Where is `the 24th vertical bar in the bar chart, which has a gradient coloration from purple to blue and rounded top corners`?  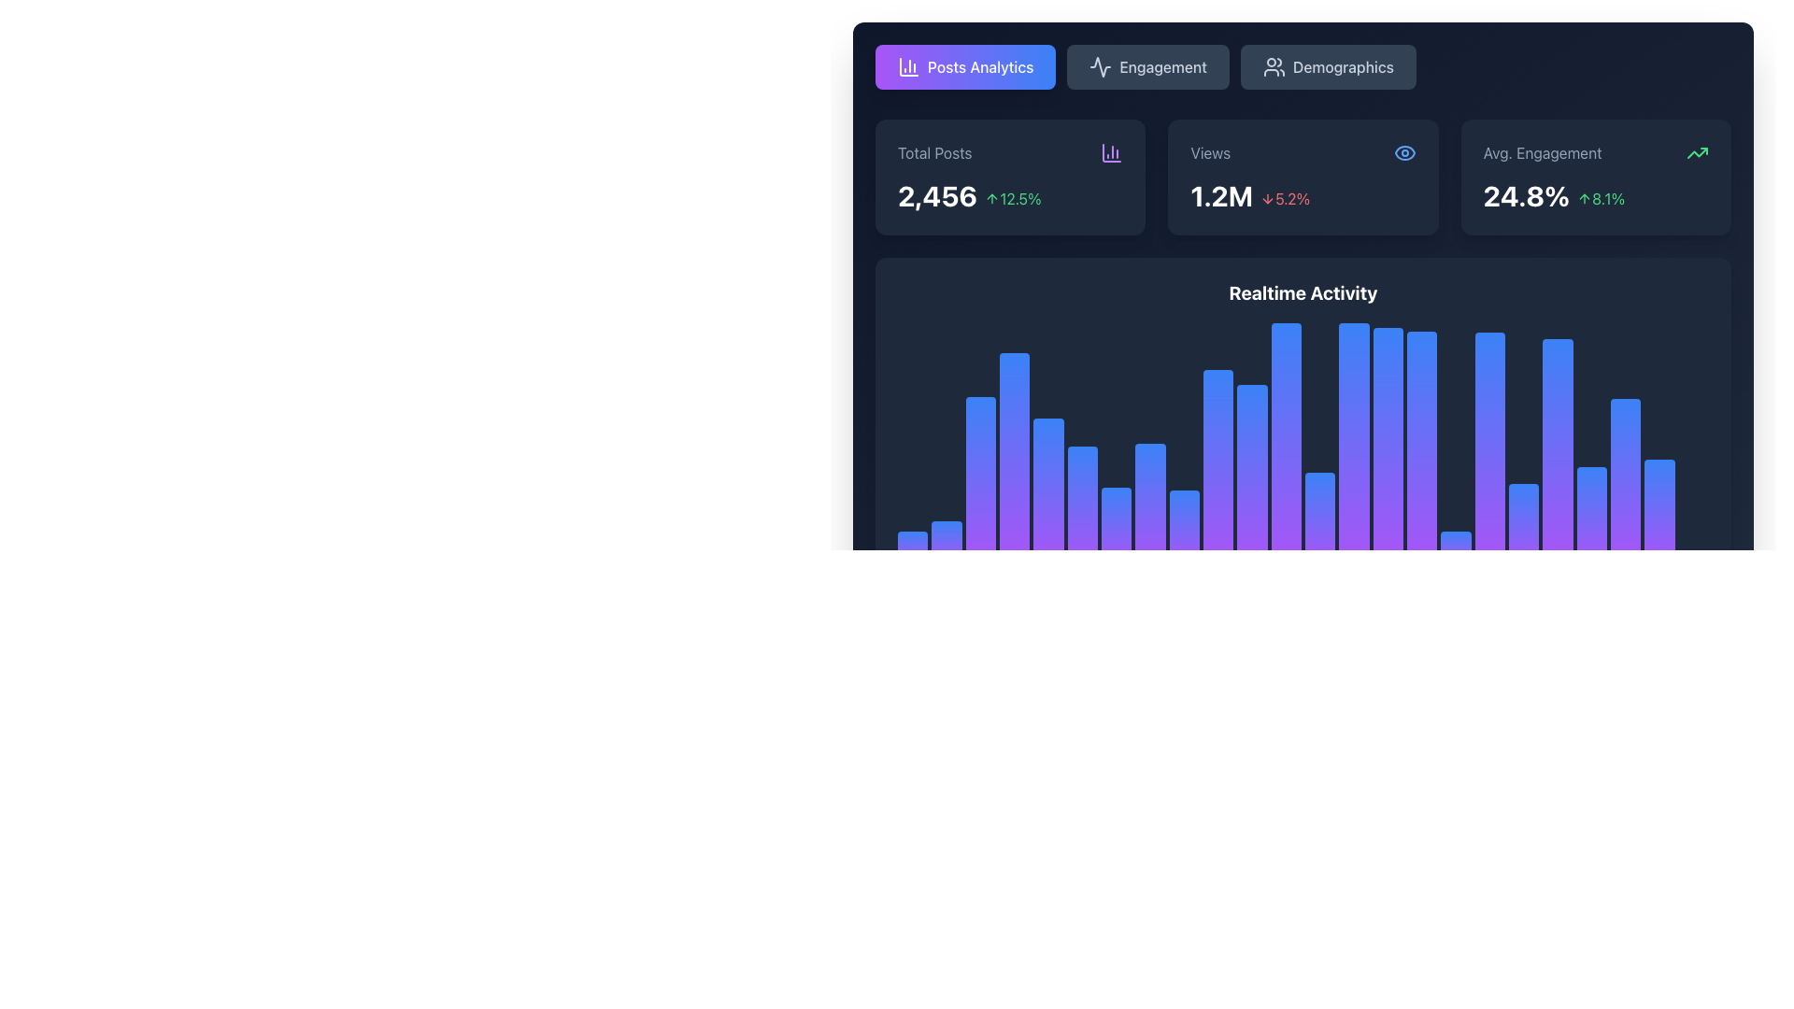 the 24th vertical bar in the bar chart, which has a gradient coloration from purple to blue and rounded top corners is located at coordinates (1659, 442).